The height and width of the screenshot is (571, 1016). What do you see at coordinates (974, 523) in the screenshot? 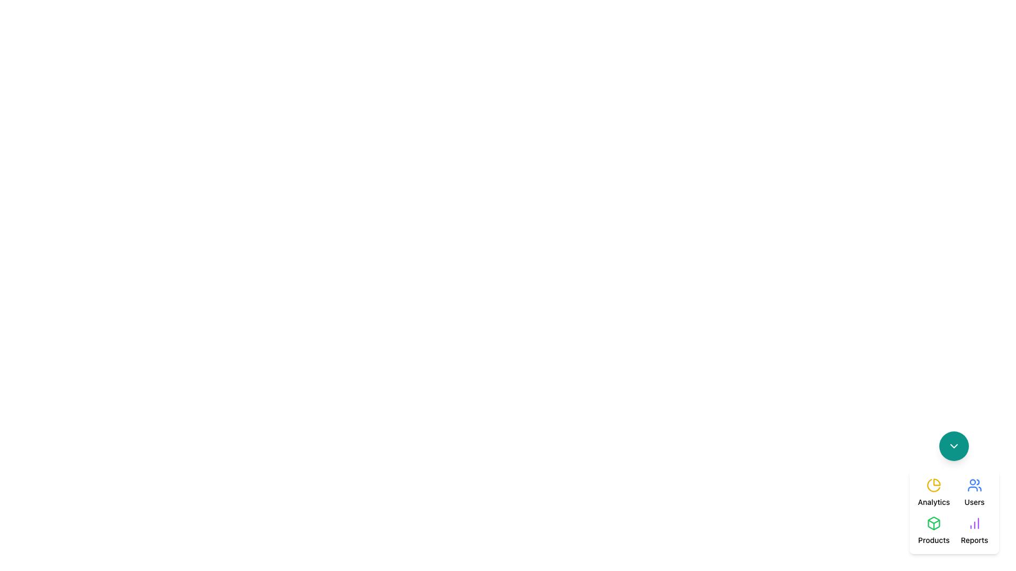
I see `the purple bar chart icon in the Reports section located in the bottom right corner, positioned above the text label 'Reports'` at bounding box center [974, 523].